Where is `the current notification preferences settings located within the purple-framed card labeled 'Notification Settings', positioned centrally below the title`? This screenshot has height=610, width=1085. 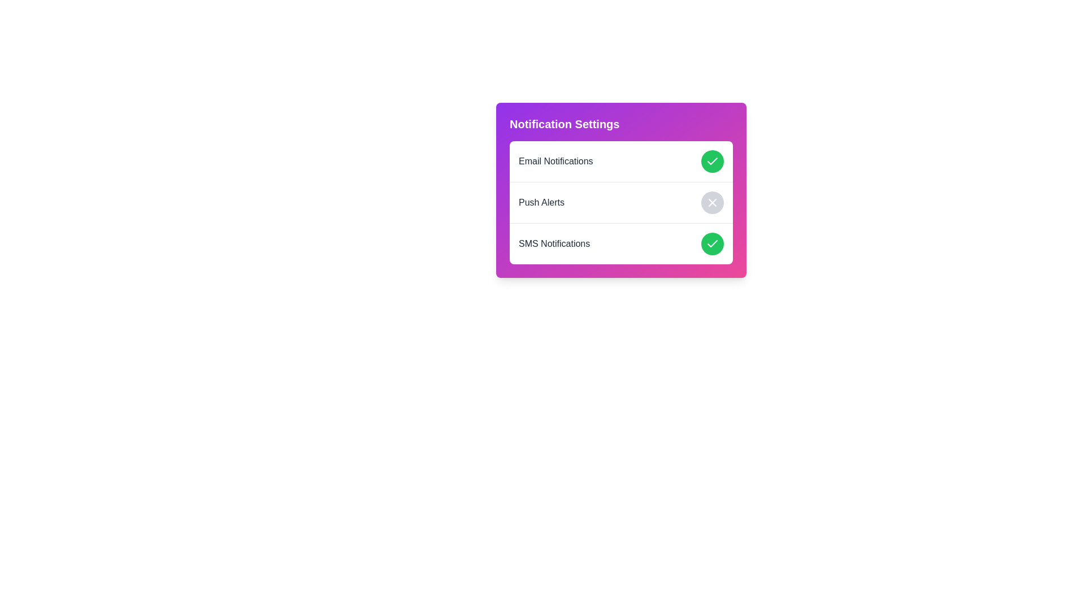
the current notification preferences settings located within the purple-framed card labeled 'Notification Settings', positioned centrally below the title is located at coordinates (620, 202).